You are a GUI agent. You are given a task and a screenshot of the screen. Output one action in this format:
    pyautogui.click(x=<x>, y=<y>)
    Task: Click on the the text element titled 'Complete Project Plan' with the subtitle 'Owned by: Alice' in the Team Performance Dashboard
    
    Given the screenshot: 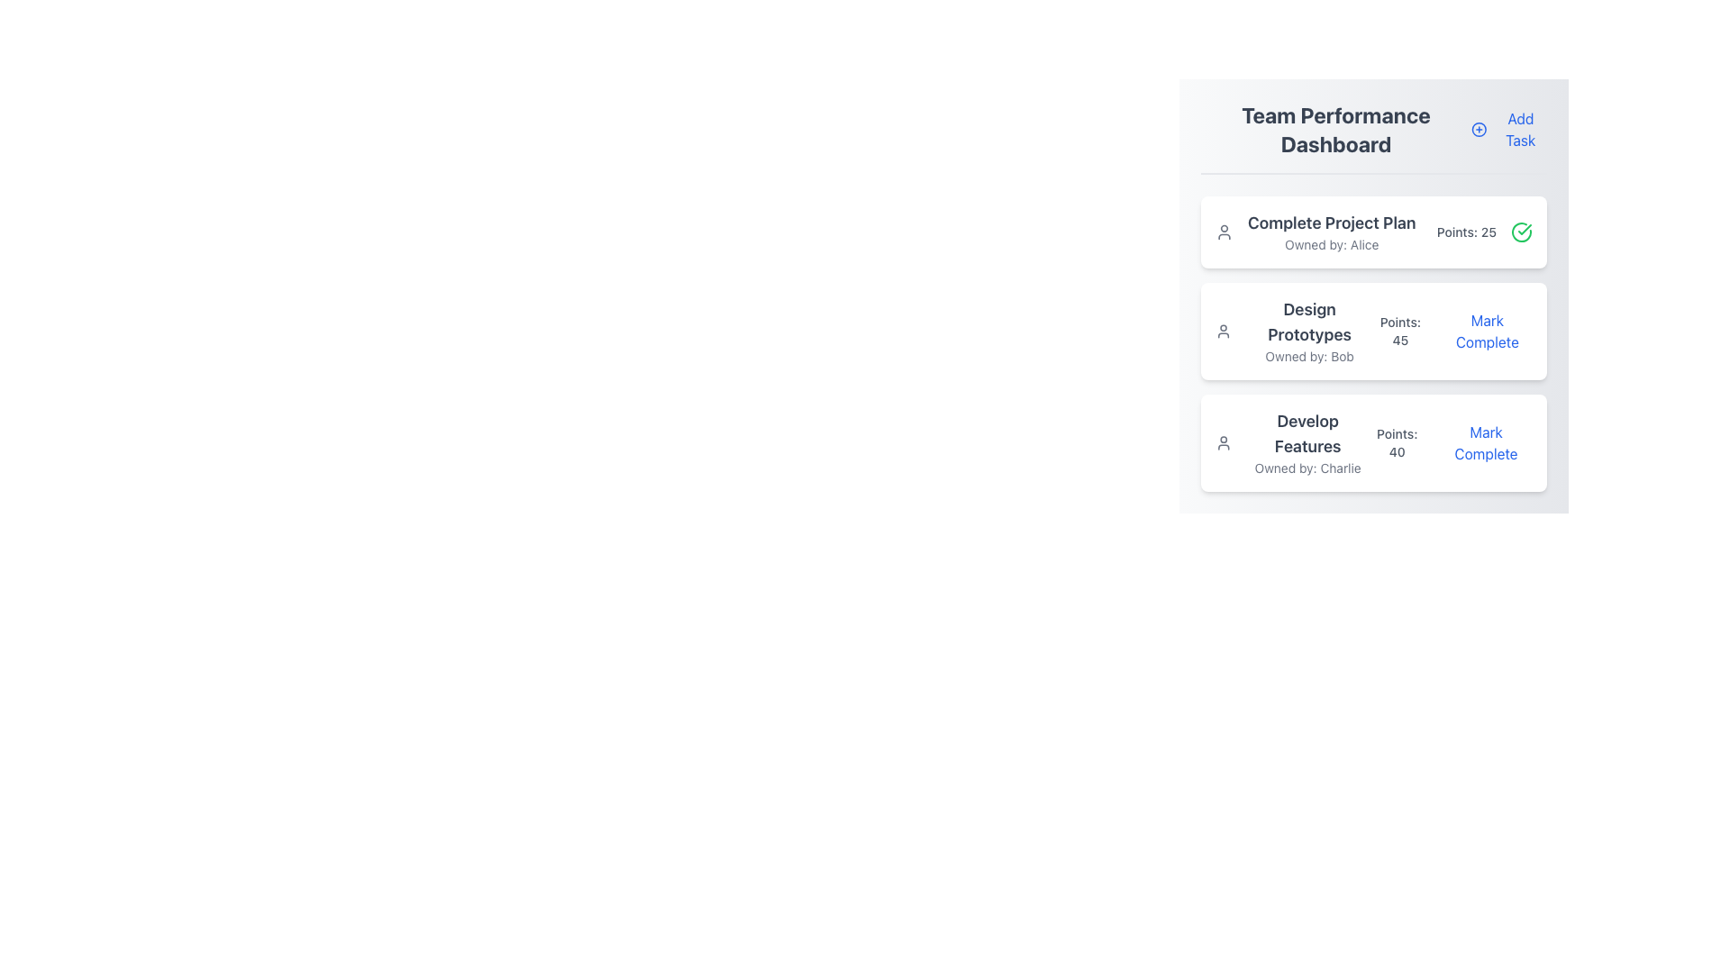 What is the action you would take?
    pyautogui.click(x=1316, y=232)
    